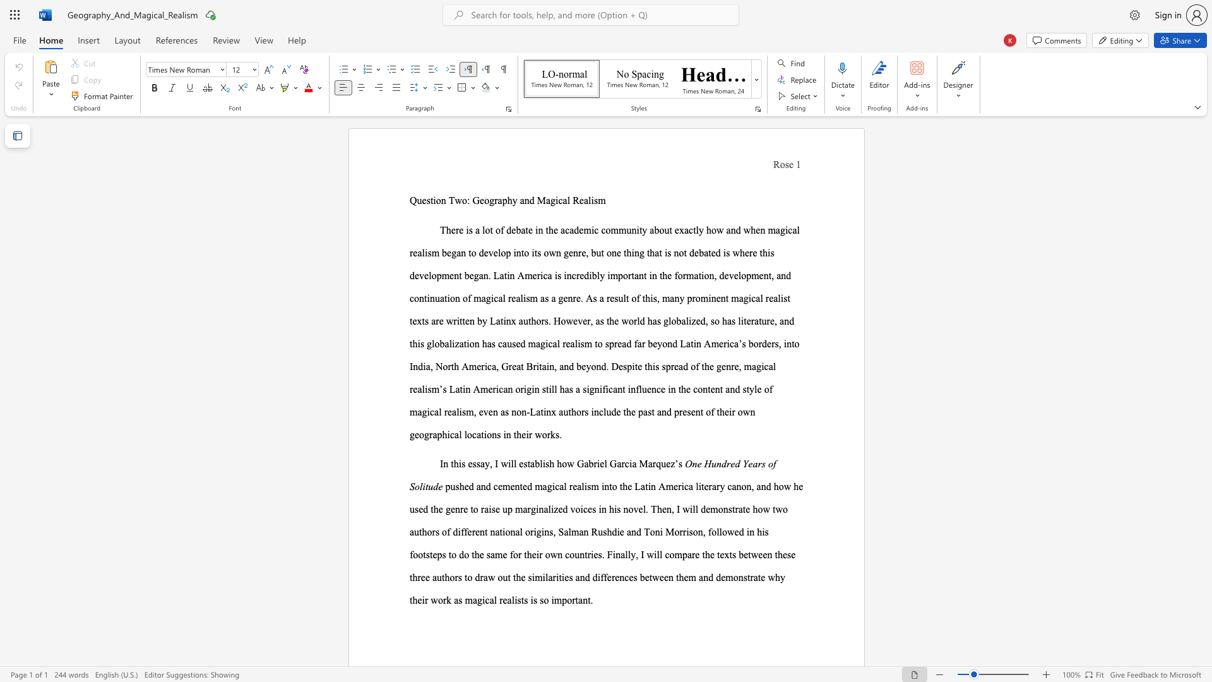  Describe the element at coordinates (752, 508) in the screenshot. I see `the subset text "how two authors of different national origins, Salman Rushdie and Toni" within the text "how two authors of different national origins, Salman Rushdie and Toni Morrison,"` at that location.